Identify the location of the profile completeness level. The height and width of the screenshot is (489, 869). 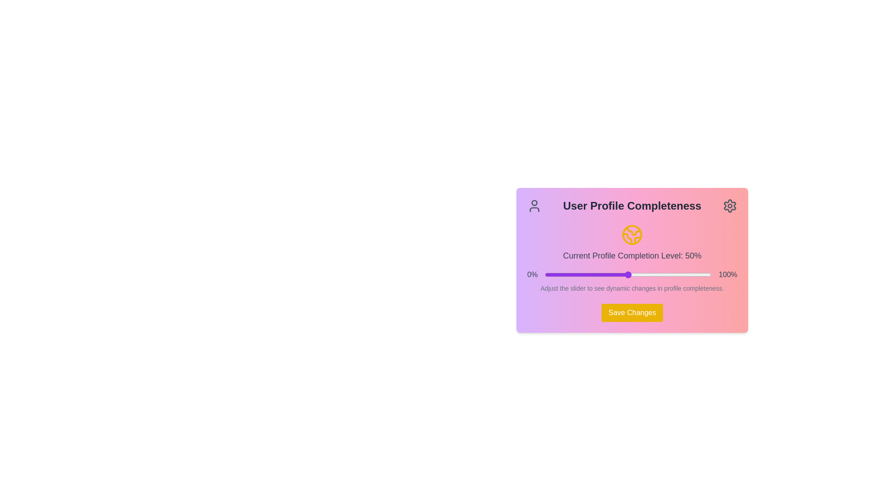
(568, 274).